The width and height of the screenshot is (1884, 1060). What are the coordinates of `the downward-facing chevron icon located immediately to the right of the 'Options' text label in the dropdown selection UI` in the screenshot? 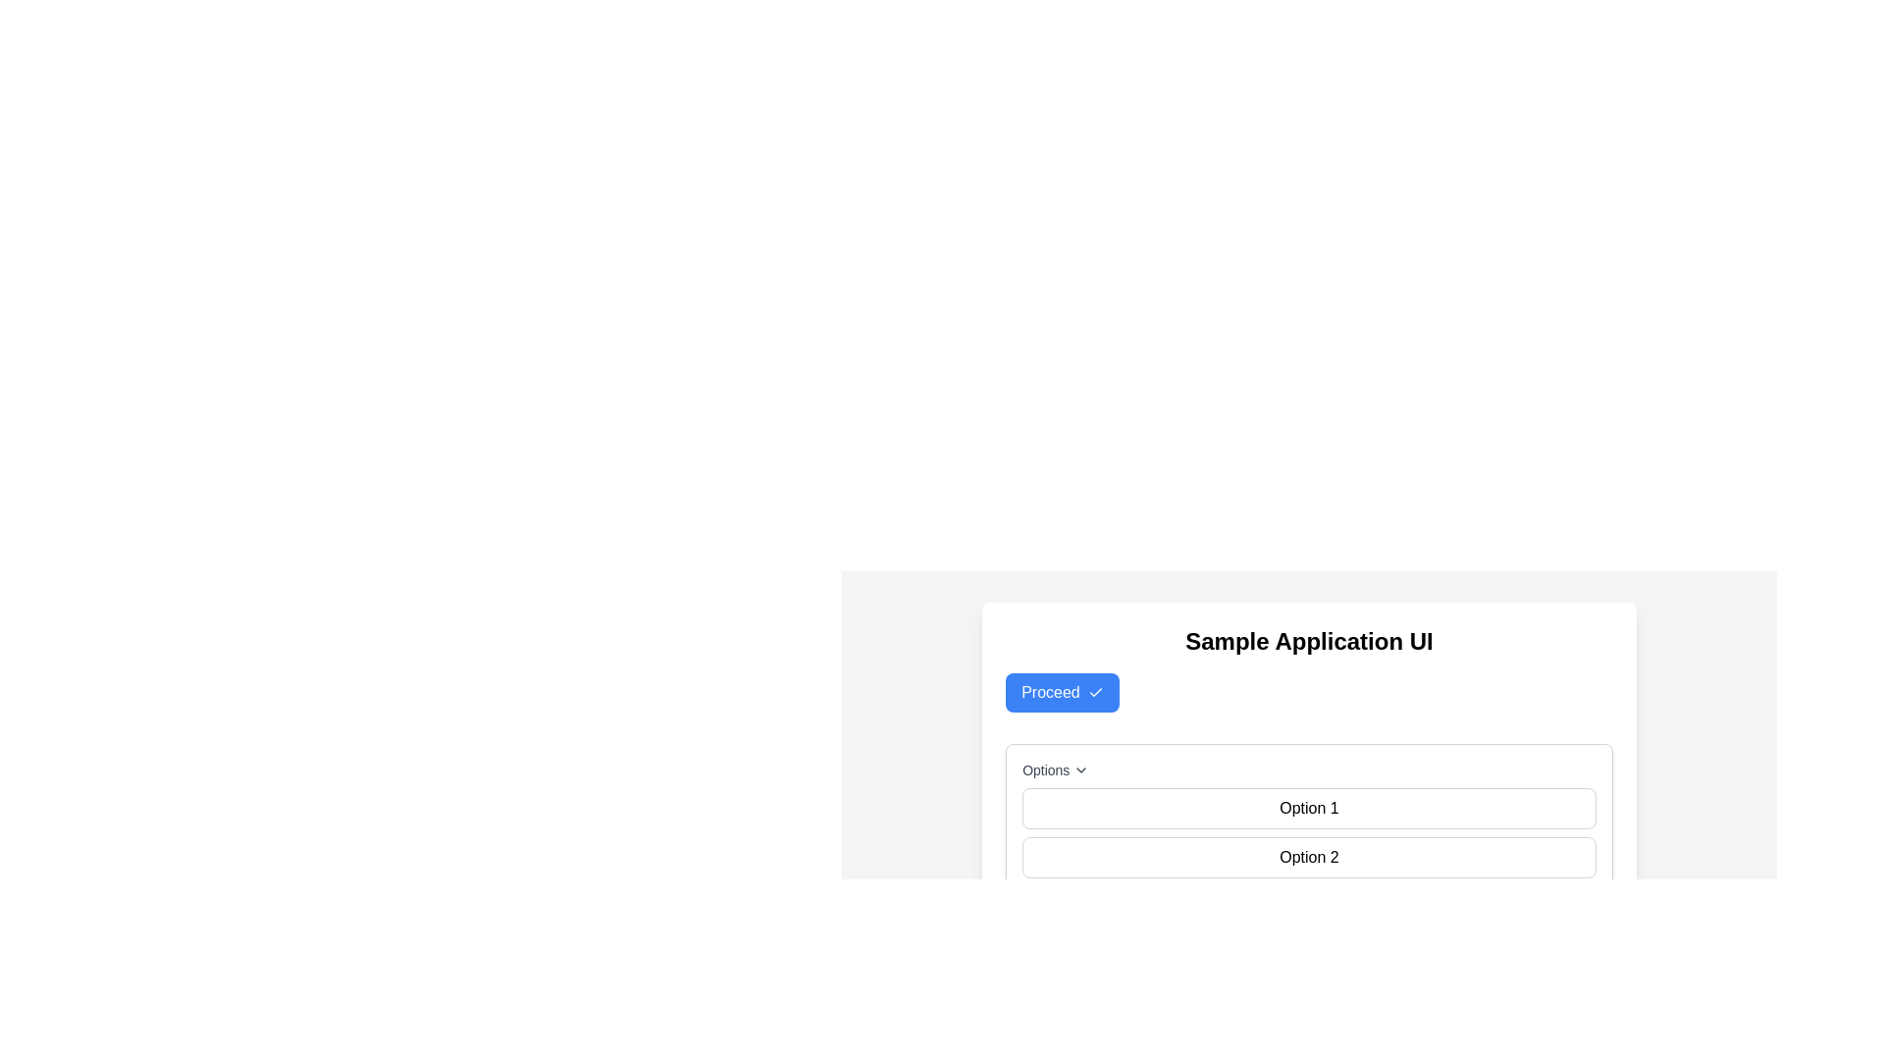 It's located at (1080, 769).